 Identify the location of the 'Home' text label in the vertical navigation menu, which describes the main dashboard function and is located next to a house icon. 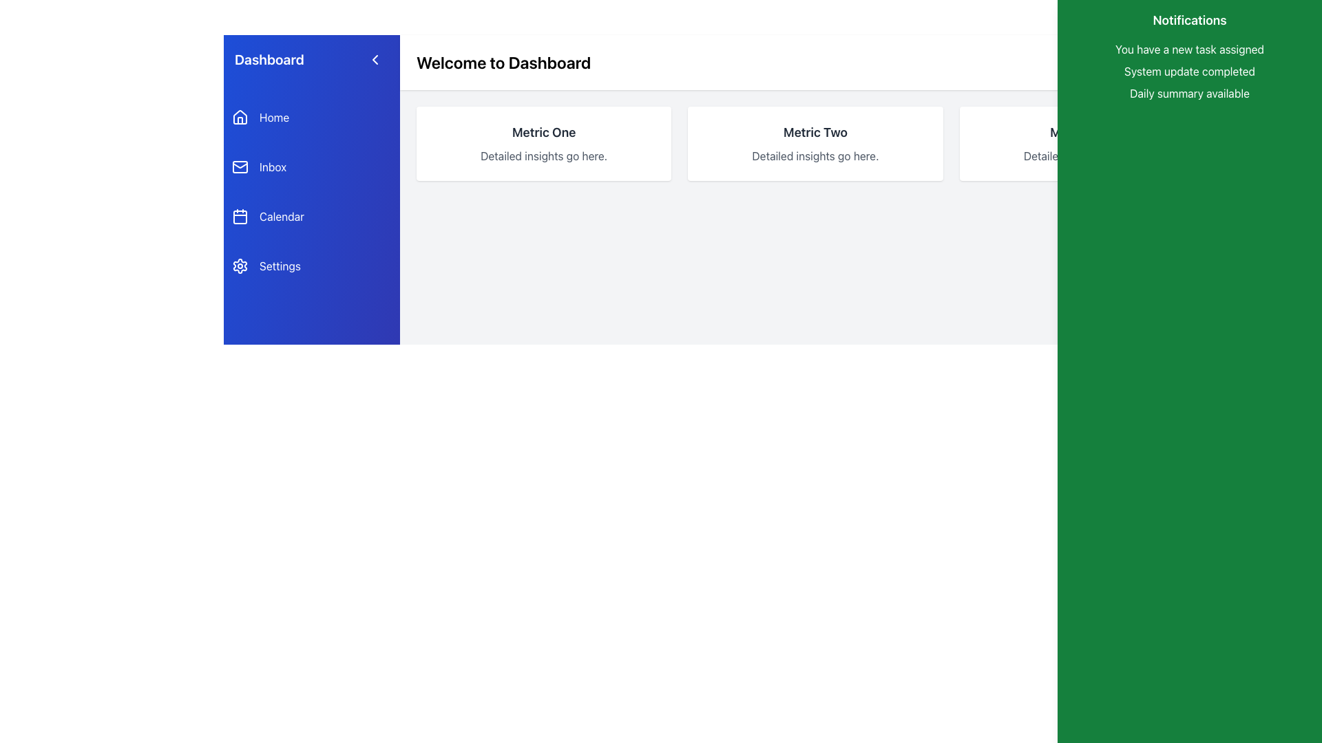
(274, 116).